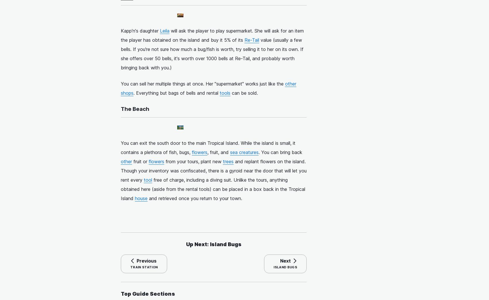  Describe the element at coordinates (146, 261) in the screenshot. I see `'Previous'` at that location.